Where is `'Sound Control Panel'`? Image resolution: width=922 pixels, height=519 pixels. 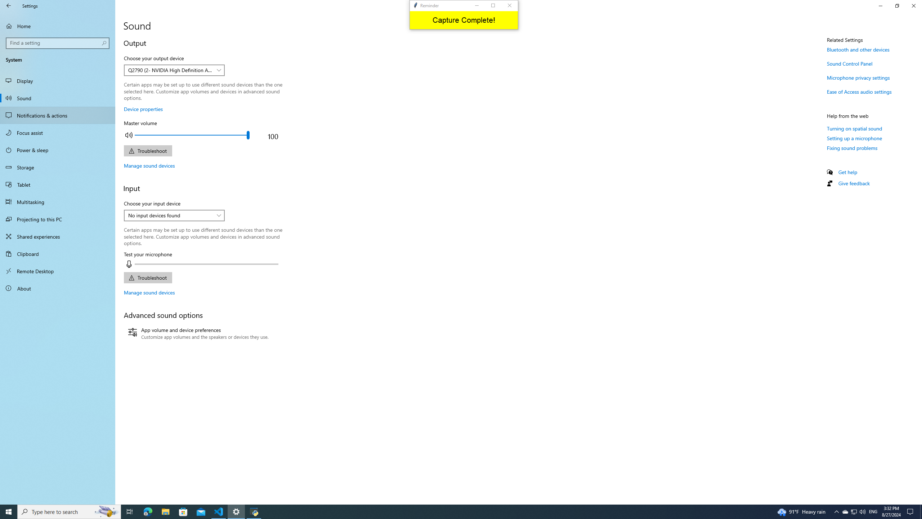
'Sound Control Panel' is located at coordinates (850, 63).